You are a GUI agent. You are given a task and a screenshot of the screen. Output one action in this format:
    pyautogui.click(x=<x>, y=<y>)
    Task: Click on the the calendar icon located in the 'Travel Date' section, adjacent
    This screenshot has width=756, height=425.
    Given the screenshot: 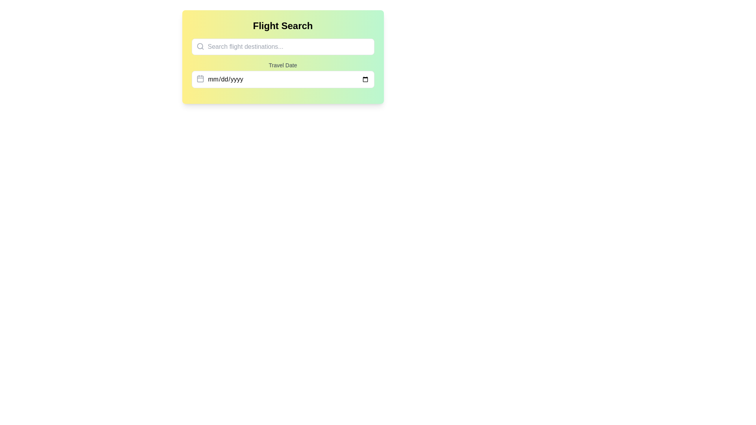 What is the action you would take?
    pyautogui.click(x=200, y=79)
    